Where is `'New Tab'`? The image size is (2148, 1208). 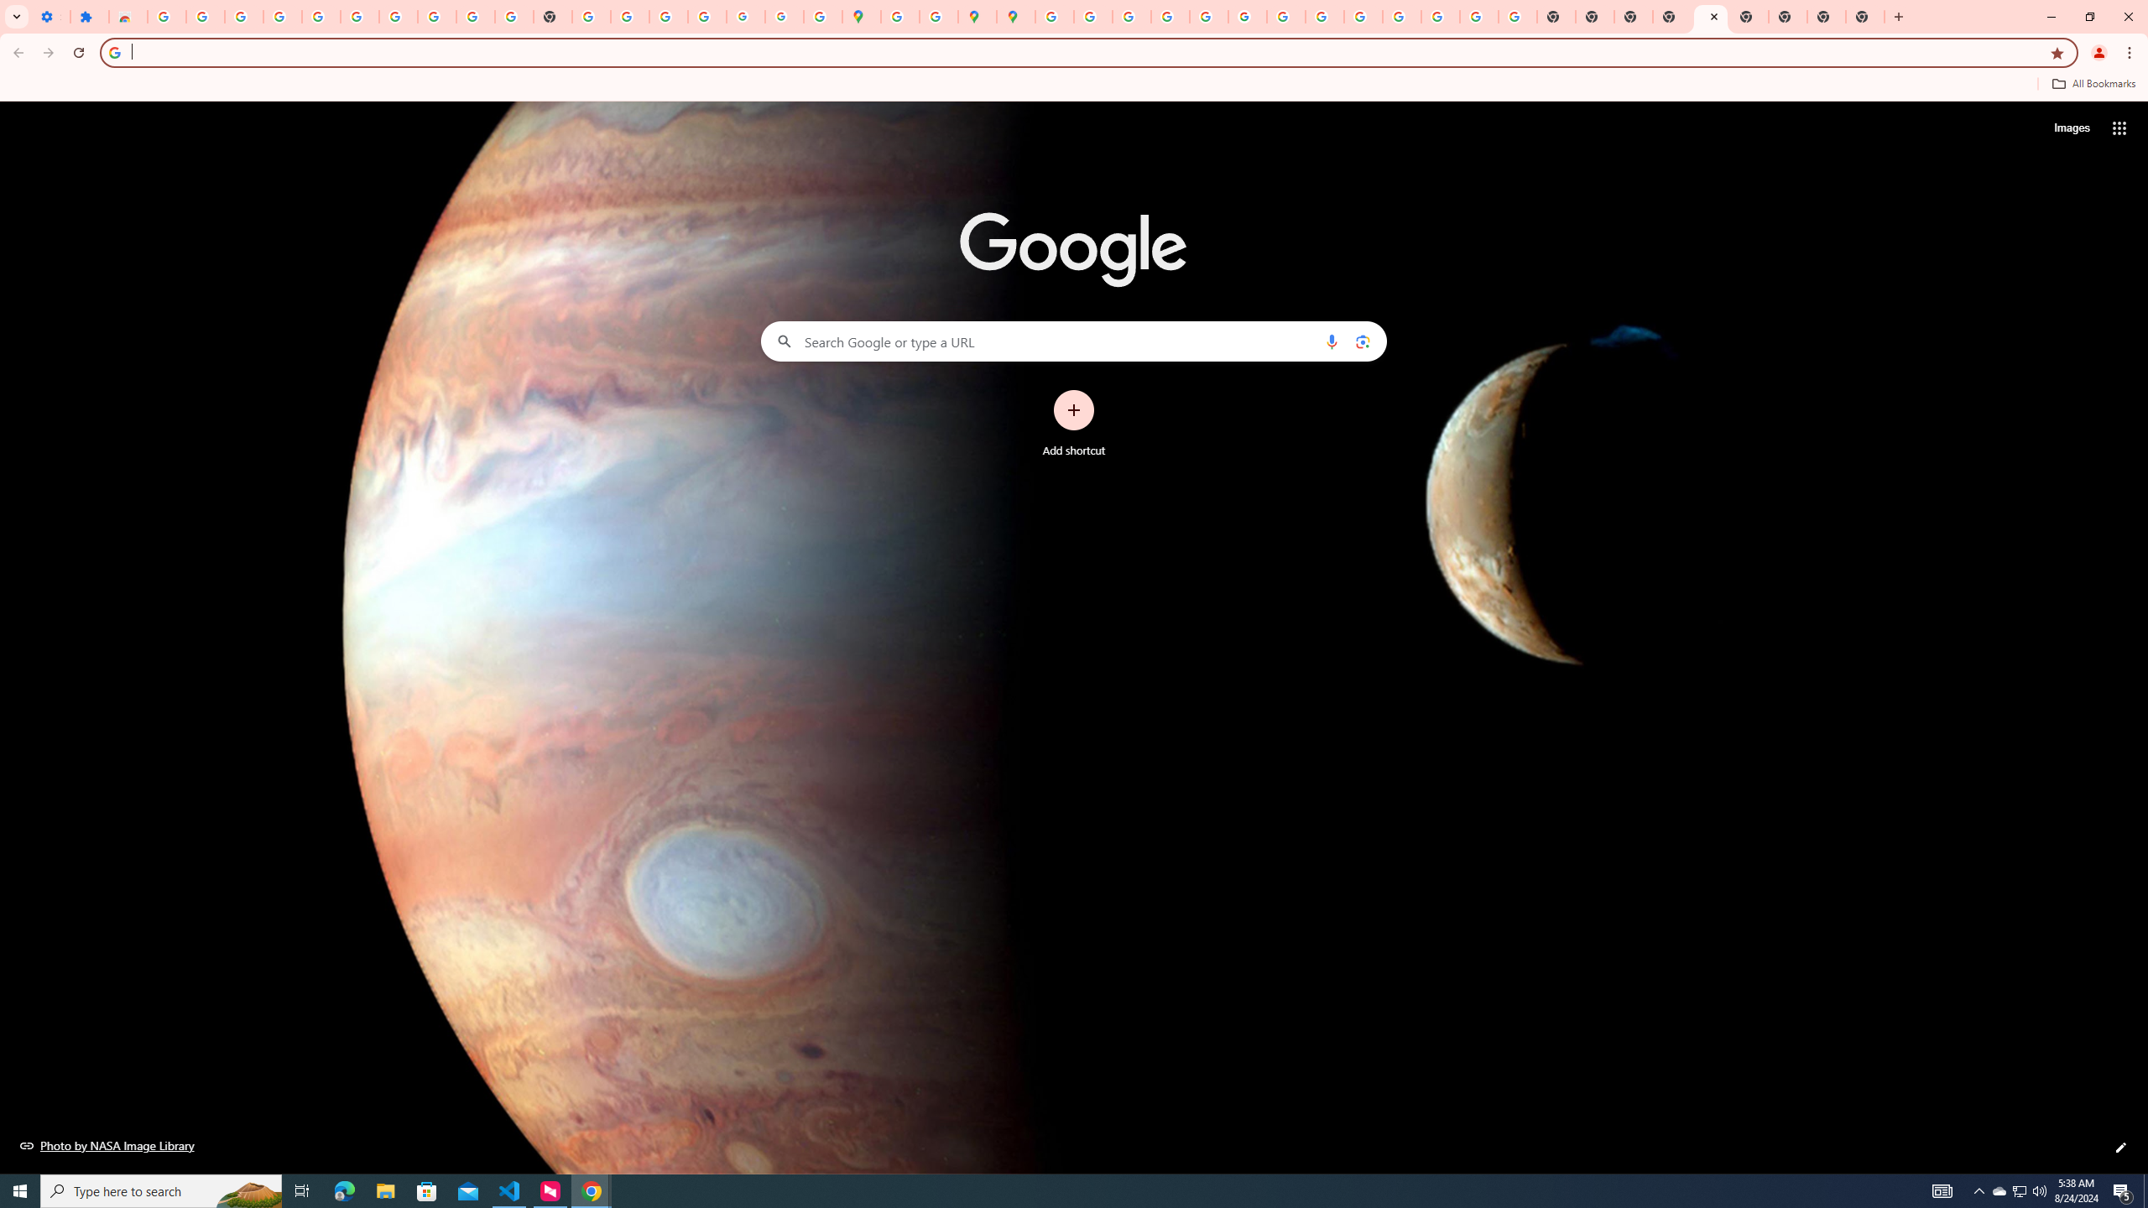
'New Tab' is located at coordinates (1898, 16).